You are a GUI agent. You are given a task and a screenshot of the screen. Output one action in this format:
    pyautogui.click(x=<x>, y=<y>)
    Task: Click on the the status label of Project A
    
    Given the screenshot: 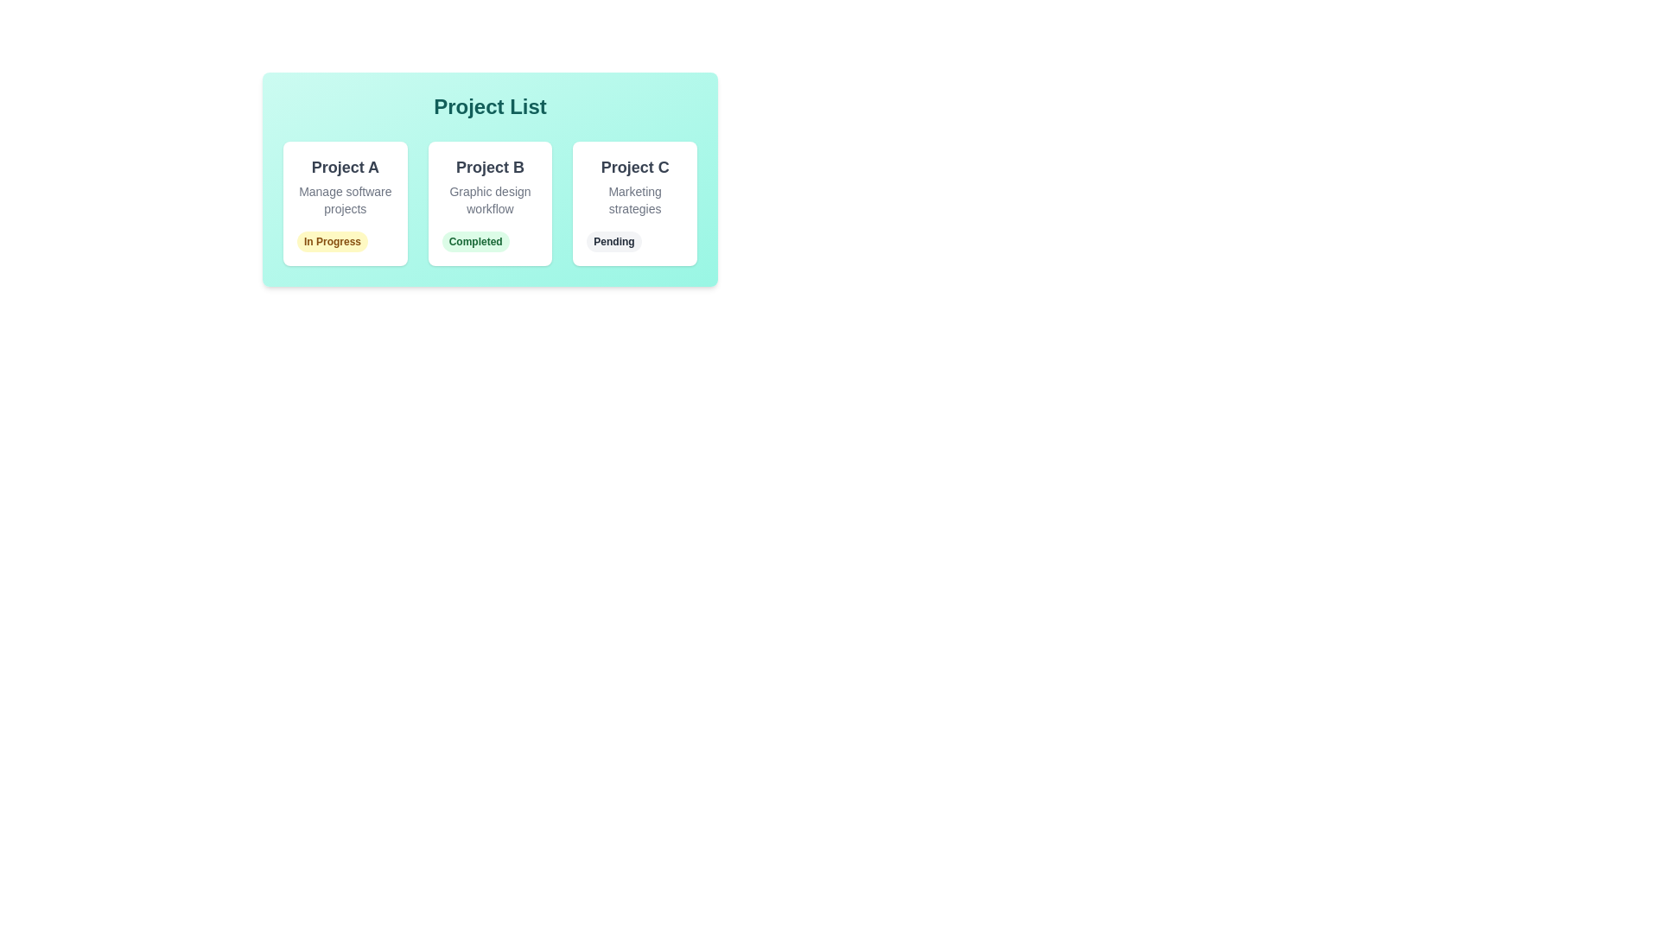 What is the action you would take?
    pyautogui.click(x=332, y=242)
    